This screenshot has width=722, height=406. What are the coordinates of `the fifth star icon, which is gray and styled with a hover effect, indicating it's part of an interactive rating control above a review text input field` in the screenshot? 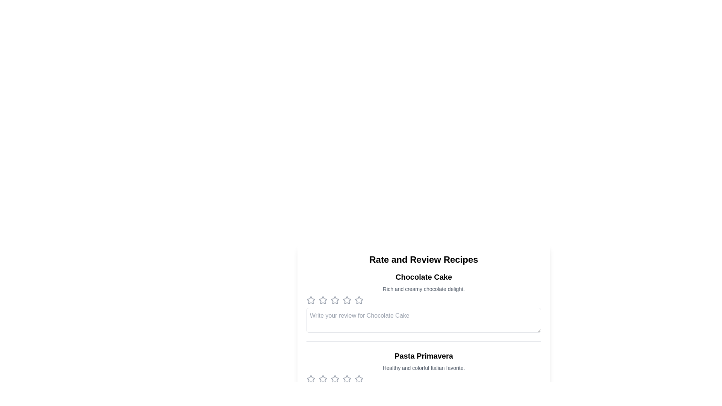 It's located at (335, 300).